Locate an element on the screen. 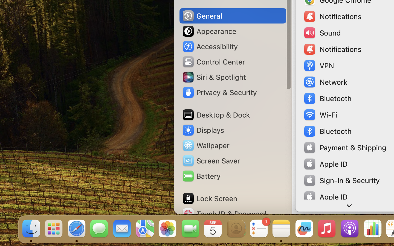 Image resolution: width=394 pixels, height=246 pixels. 'Wallpaper' is located at coordinates (205, 145).